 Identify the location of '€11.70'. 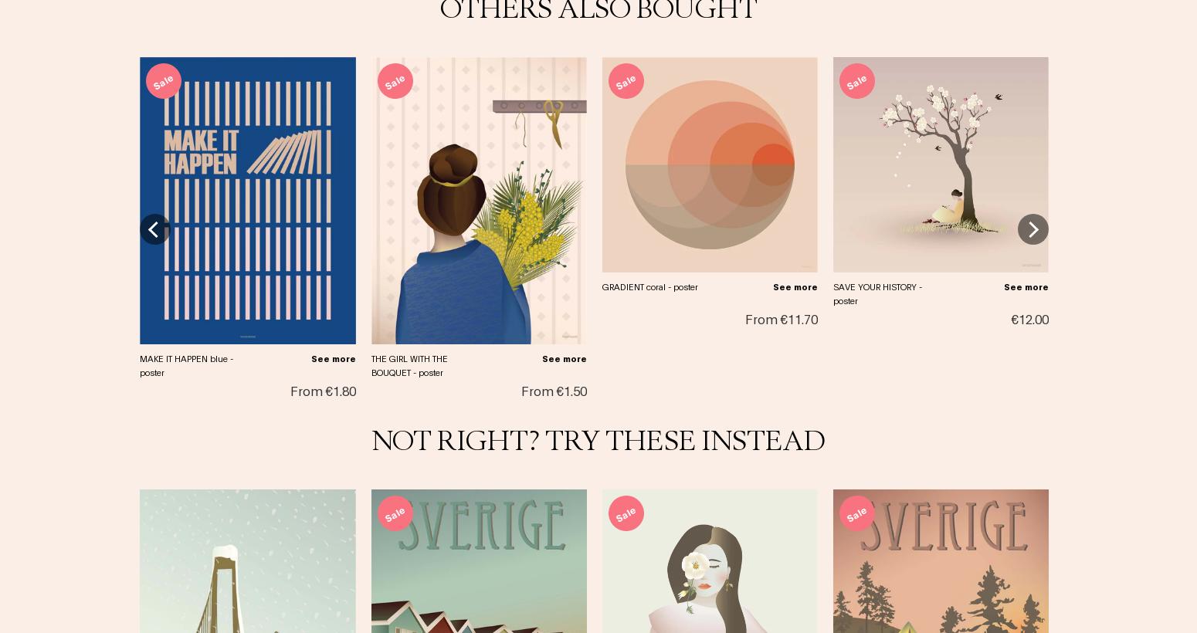
(799, 316).